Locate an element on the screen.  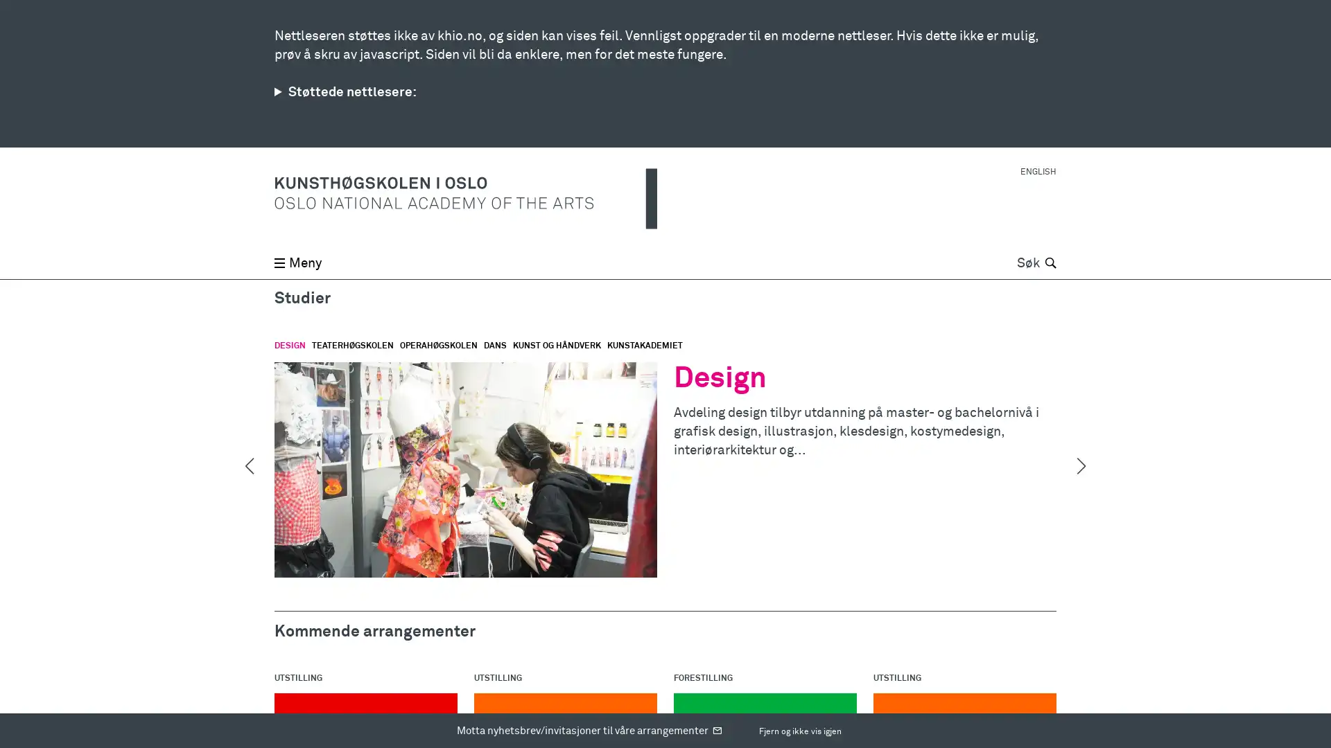
KUNST OG HANDVERK is located at coordinates (557, 346).